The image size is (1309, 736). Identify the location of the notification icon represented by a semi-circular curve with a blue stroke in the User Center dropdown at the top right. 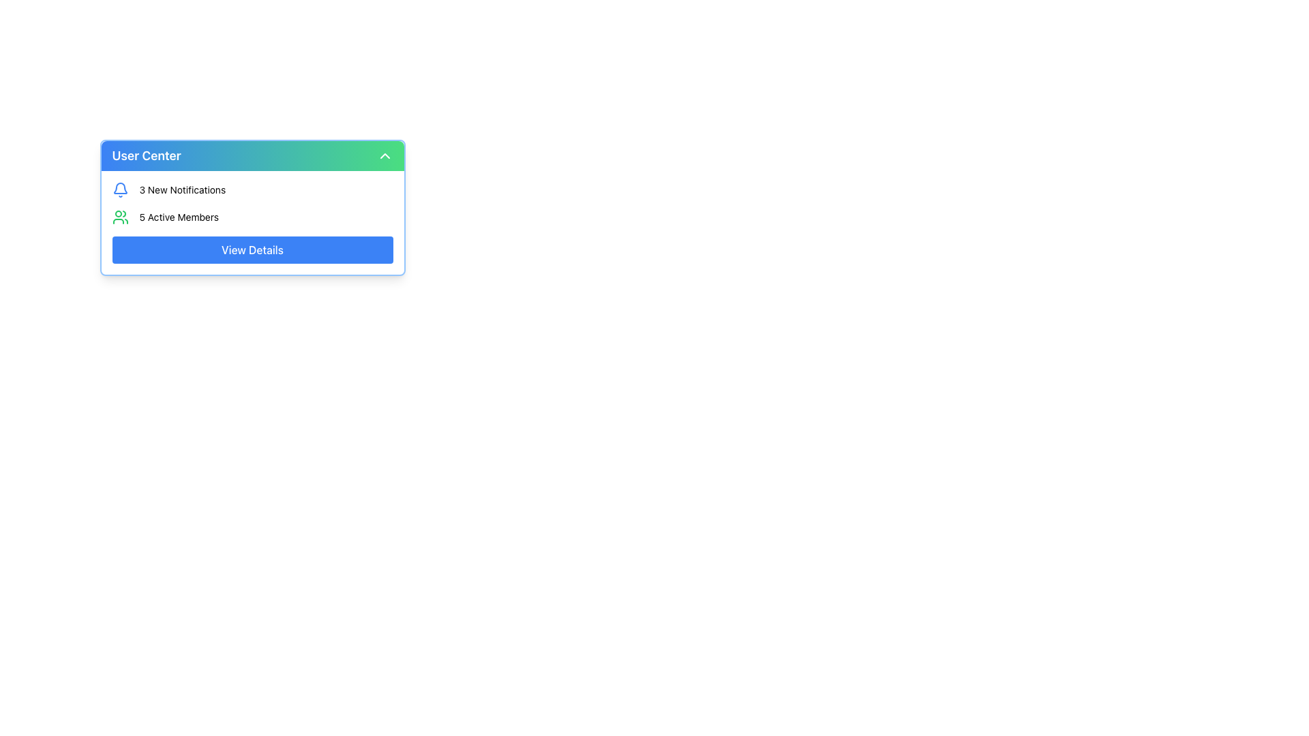
(120, 188).